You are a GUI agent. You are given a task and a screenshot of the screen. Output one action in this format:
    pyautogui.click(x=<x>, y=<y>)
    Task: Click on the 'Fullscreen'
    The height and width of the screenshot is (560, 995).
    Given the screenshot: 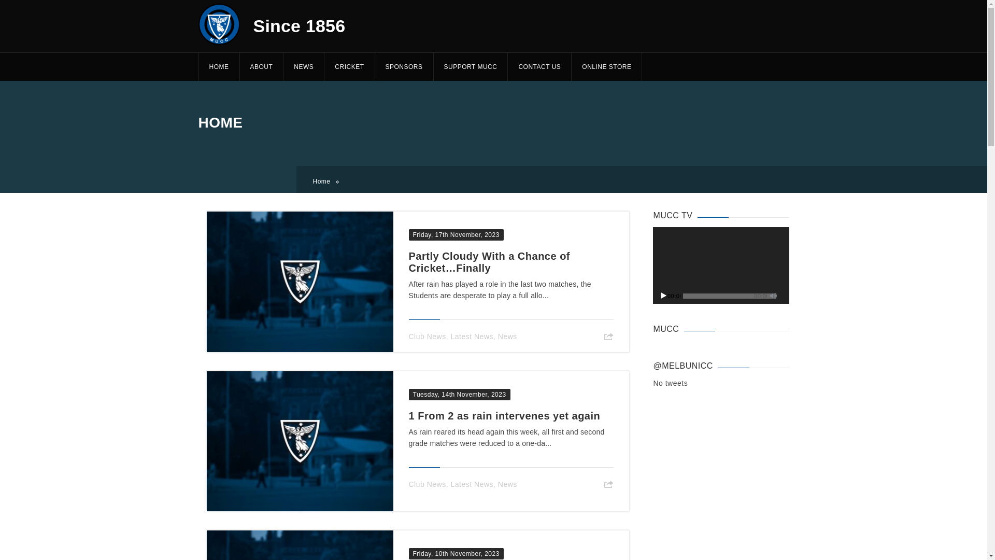 What is the action you would take?
    pyautogui.click(x=783, y=295)
    